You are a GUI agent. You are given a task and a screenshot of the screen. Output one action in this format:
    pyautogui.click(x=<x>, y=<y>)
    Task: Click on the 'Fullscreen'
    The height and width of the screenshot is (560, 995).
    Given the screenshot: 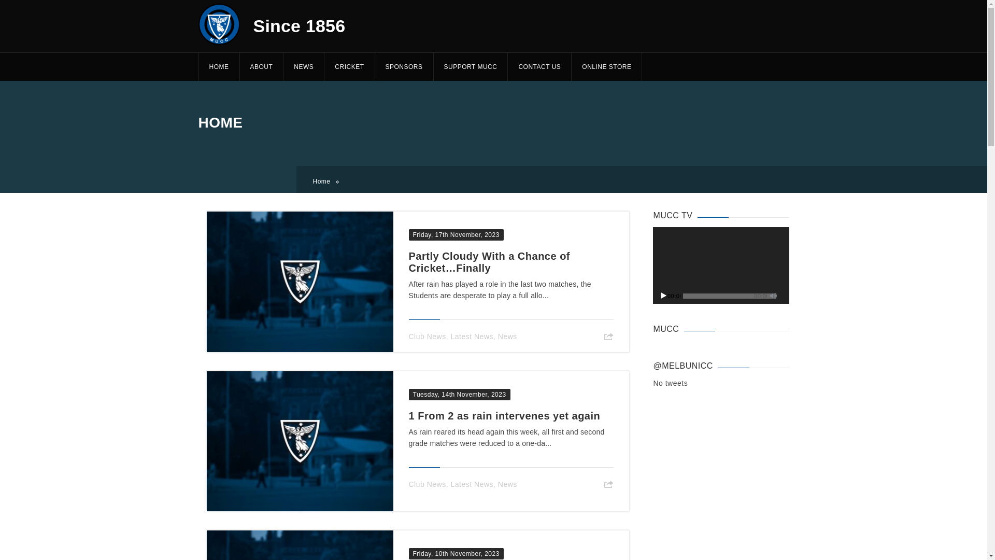 What is the action you would take?
    pyautogui.click(x=783, y=295)
    